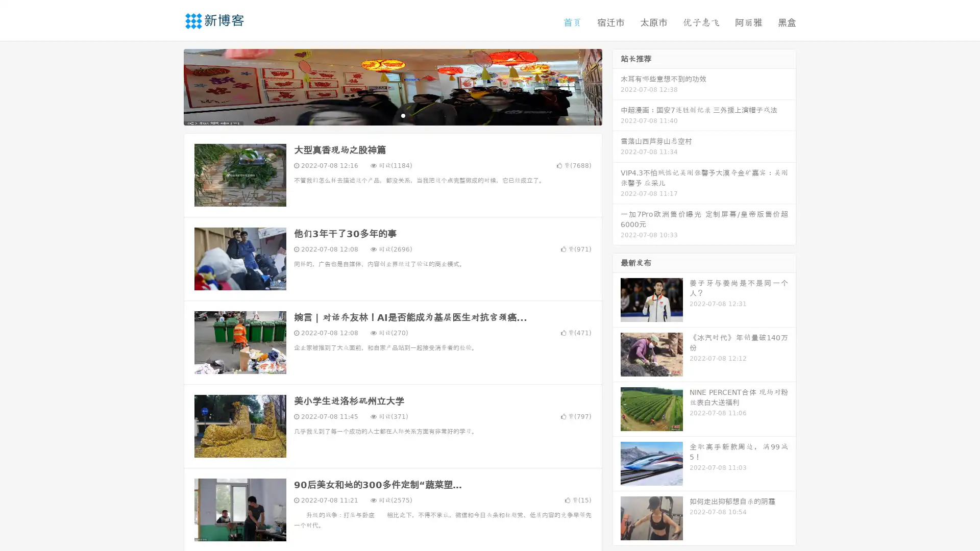 The image size is (980, 551). What do you see at coordinates (392, 115) in the screenshot?
I see `Go to slide 2` at bounding box center [392, 115].